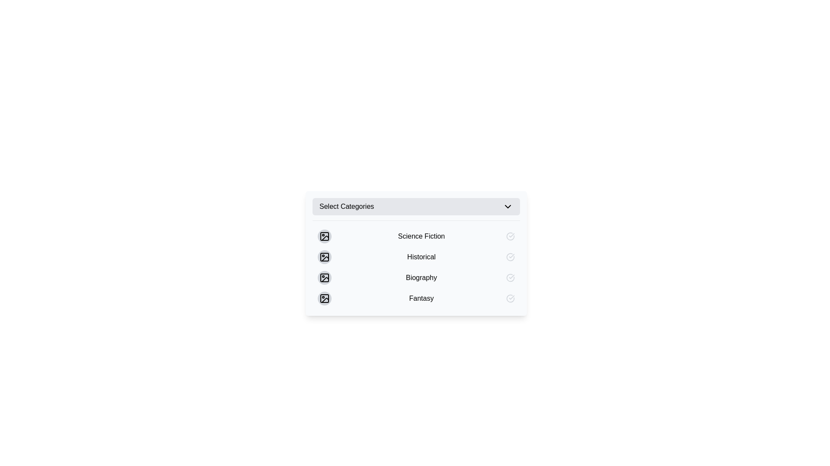  What do you see at coordinates (421, 257) in the screenshot?
I see `the 'Historical' category label in the dropdown list, which is positioned between 'Science Fiction' and 'Biography'` at bounding box center [421, 257].